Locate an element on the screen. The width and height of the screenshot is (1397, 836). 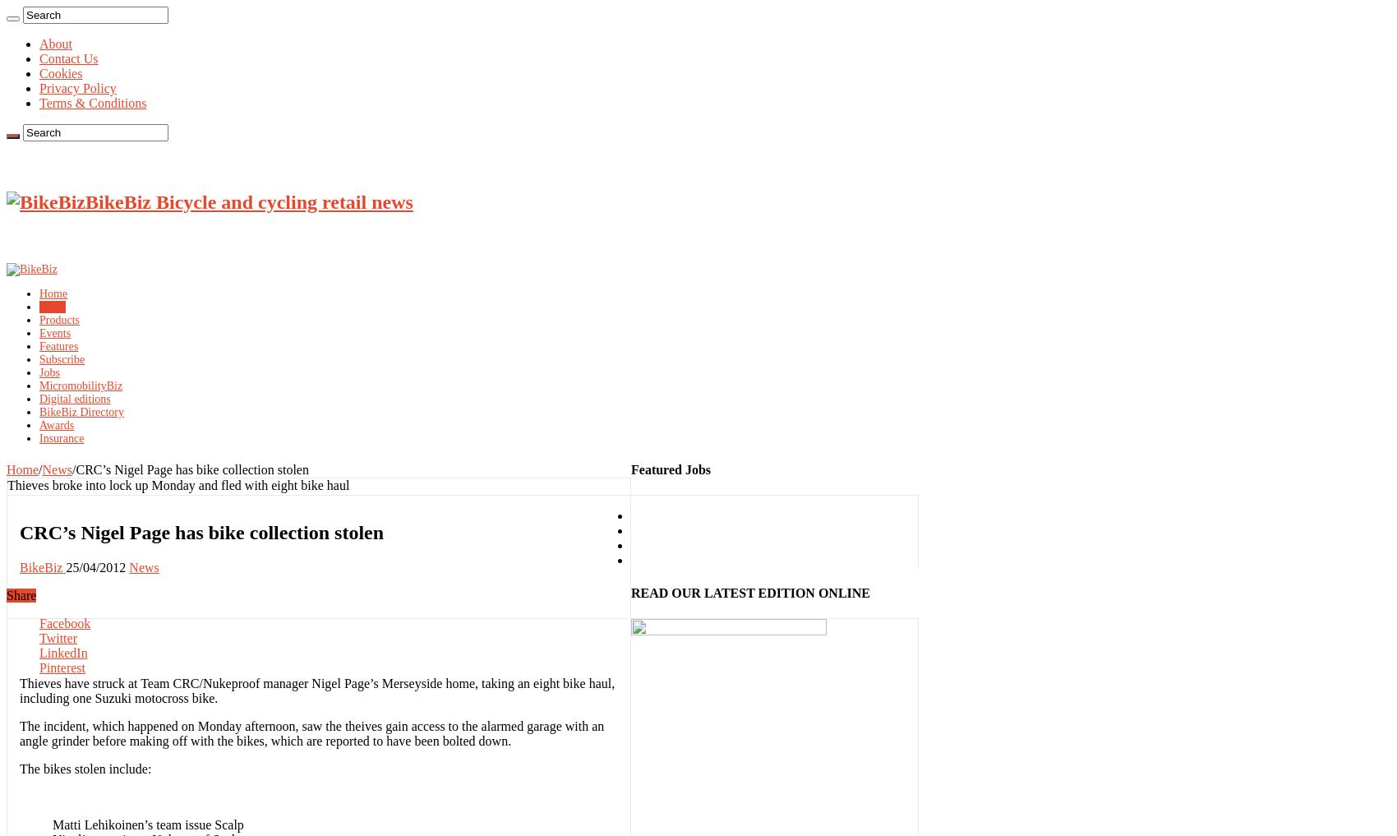
'Subscribe' is located at coordinates (62, 358).